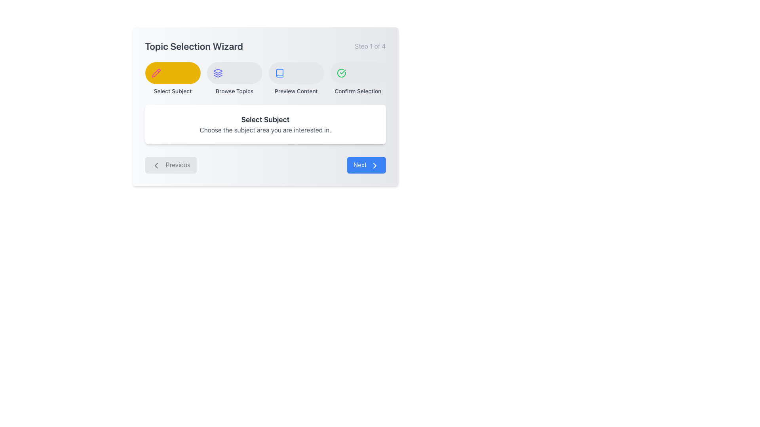 Image resolution: width=760 pixels, height=427 pixels. Describe the element at coordinates (357, 91) in the screenshot. I see `the label with the text 'Confirm Selection' that is styled with a gray color and located below a checkmark icon, situated at the far-right among four icons in a horizontal sequence` at that location.